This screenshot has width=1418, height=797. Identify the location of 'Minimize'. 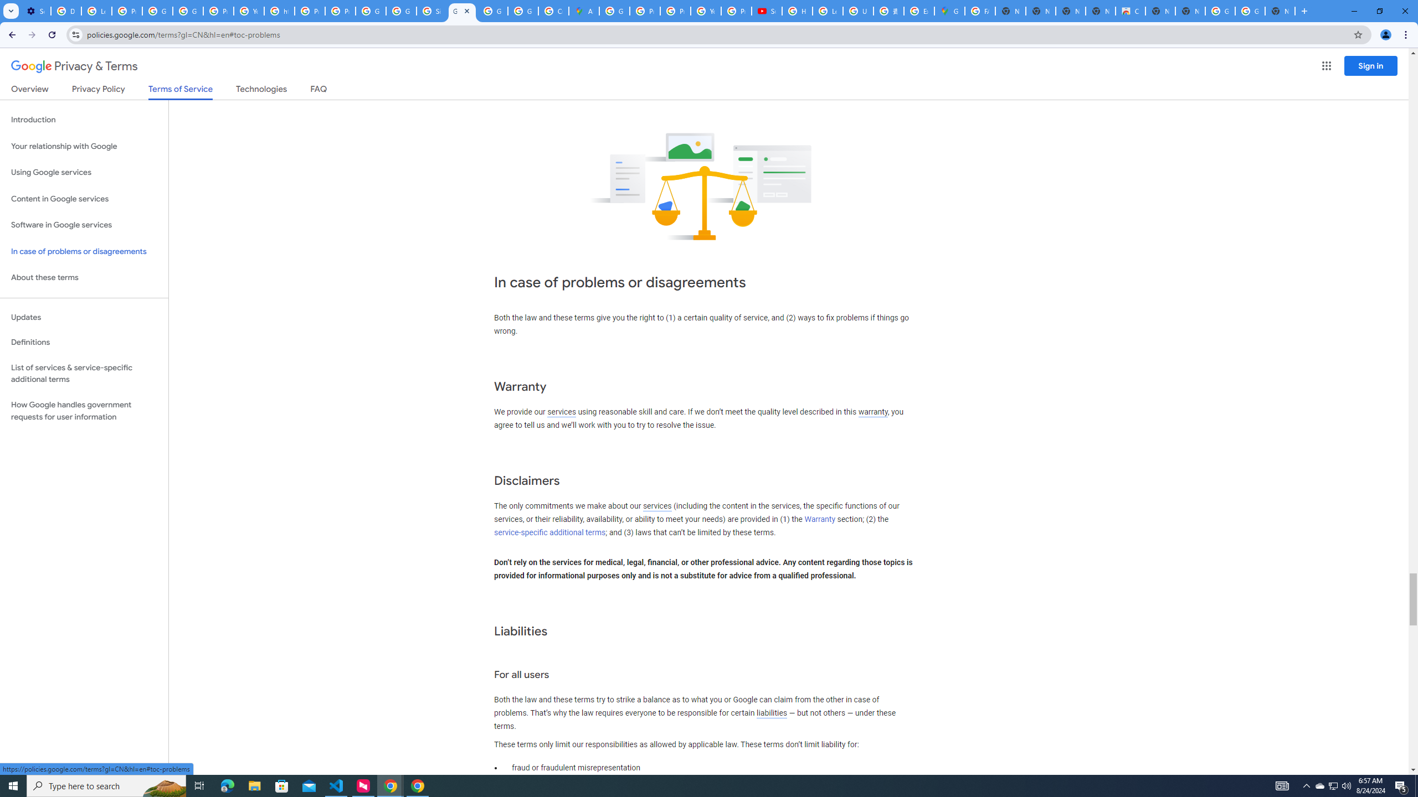
(1353, 11).